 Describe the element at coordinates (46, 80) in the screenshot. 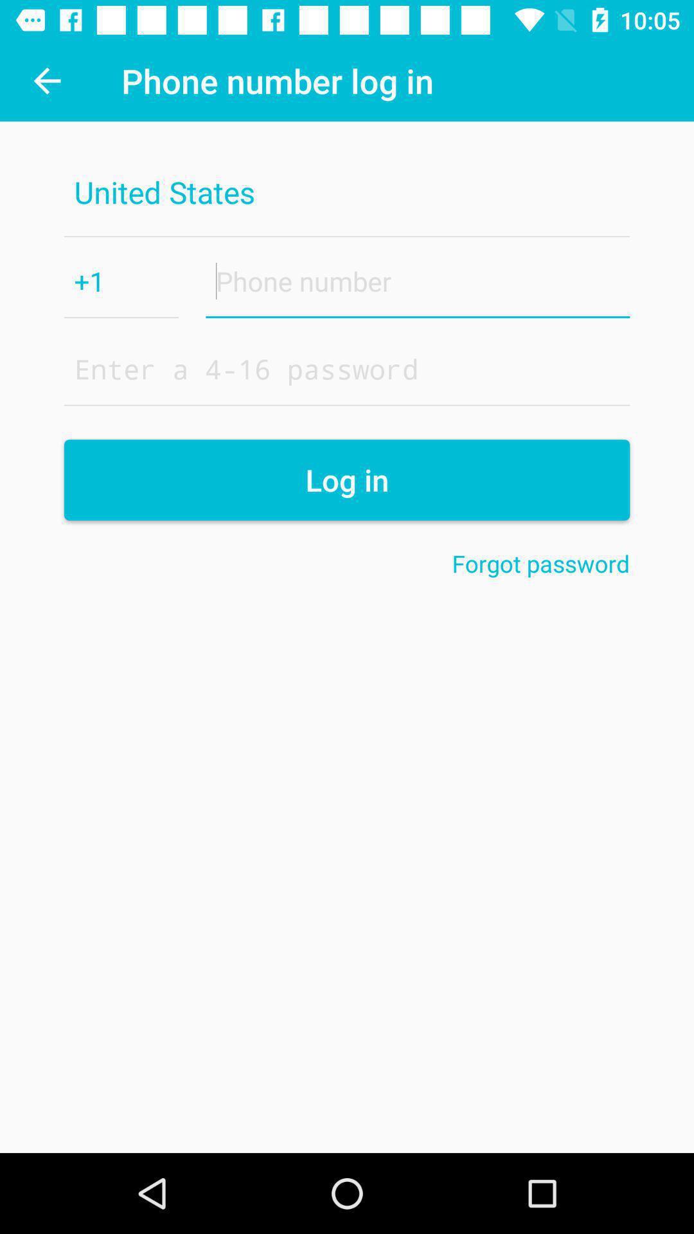

I see `the item to the left of the phone number log icon` at that location.